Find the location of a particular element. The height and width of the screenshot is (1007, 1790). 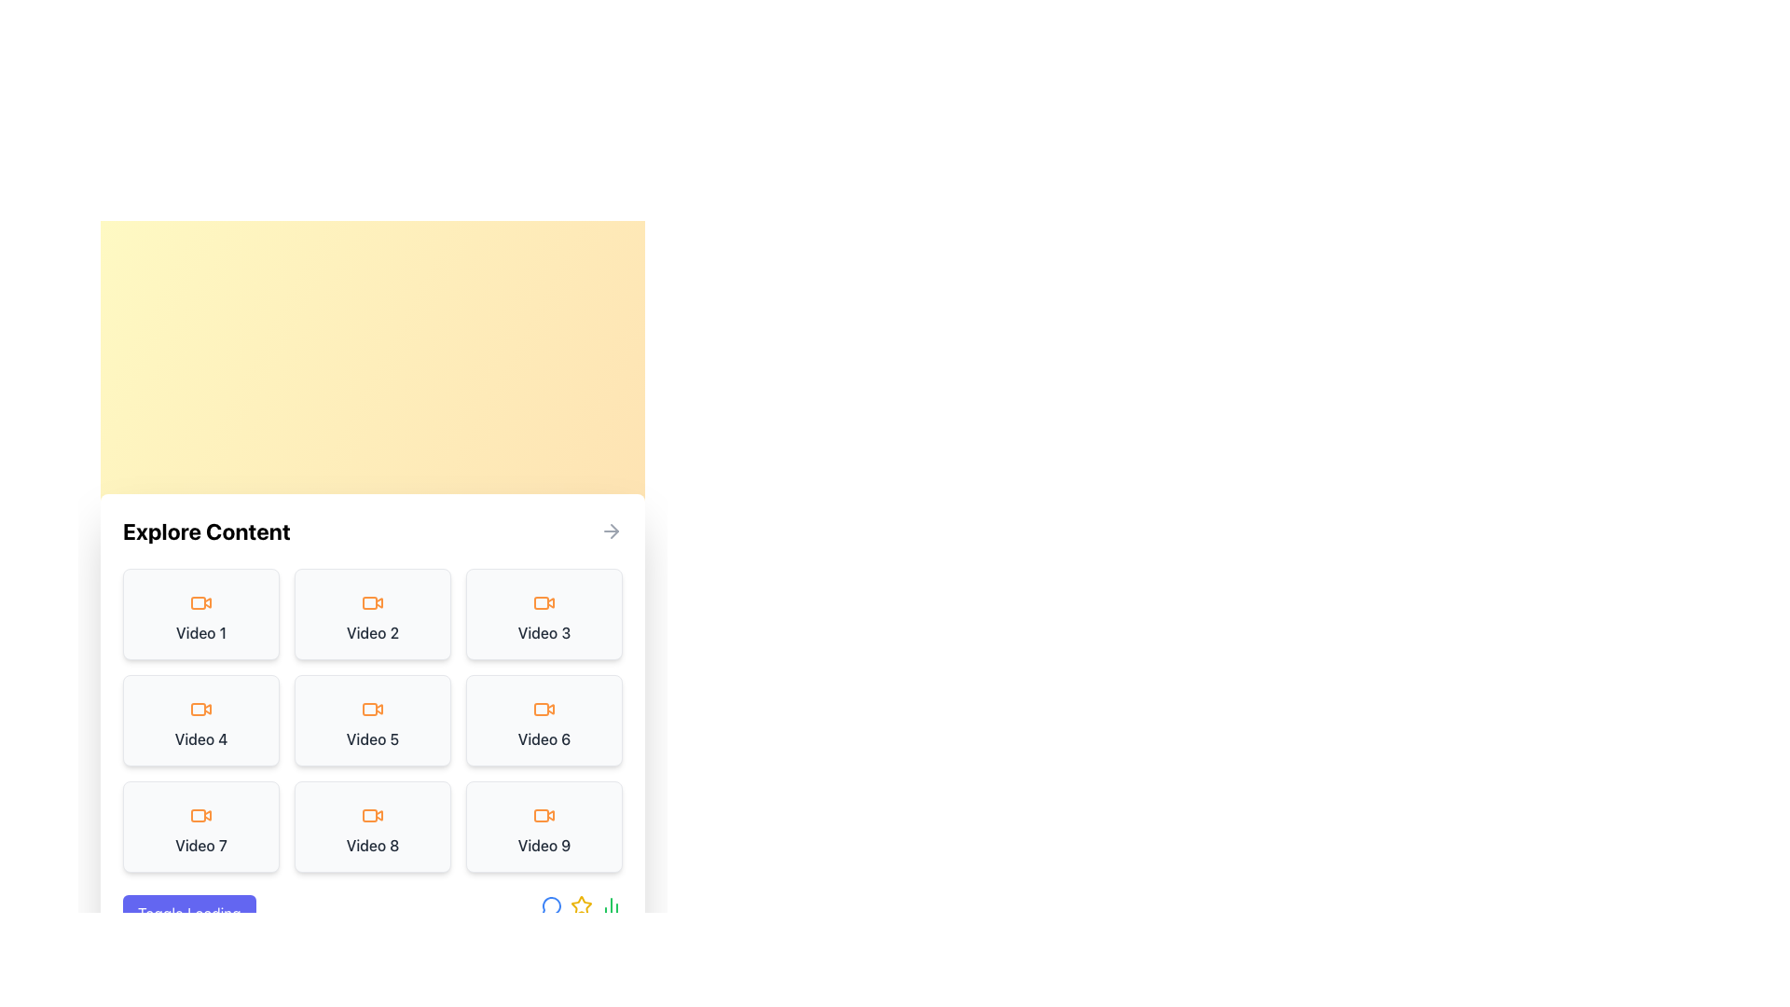

the icon representing video content located in the center of the card labeled 'Video 6' in the second row and third column of a 3x3 grid layout is located at coordinates (544, 709).